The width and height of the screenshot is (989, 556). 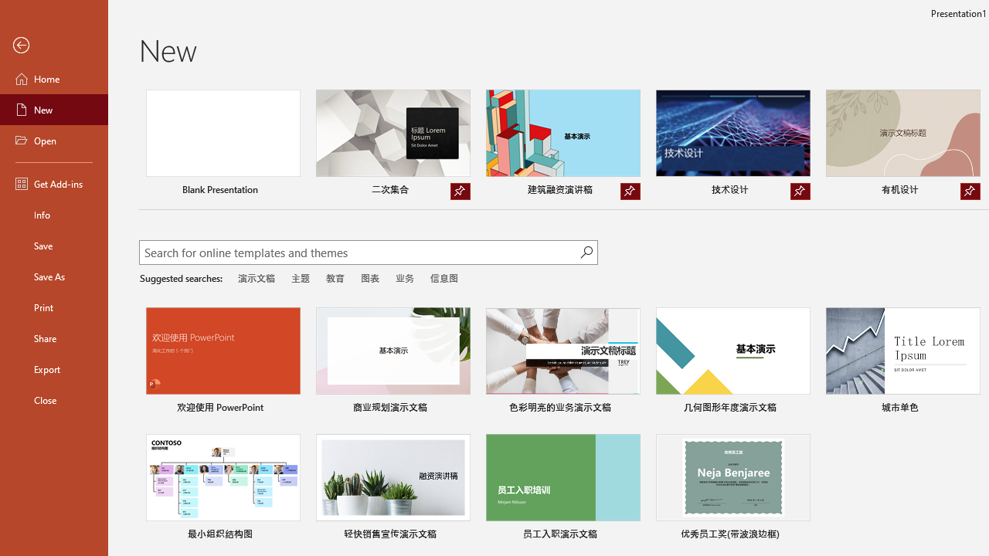 What do you see at coordinates (53, 45) in the screenshot?
I see `'Back'` at bounding box center [53, 45].